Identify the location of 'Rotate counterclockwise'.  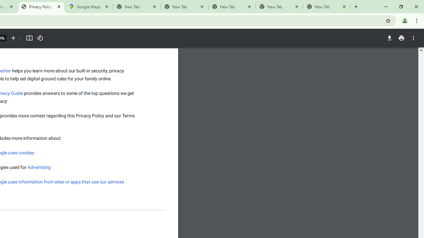
(39, 38).